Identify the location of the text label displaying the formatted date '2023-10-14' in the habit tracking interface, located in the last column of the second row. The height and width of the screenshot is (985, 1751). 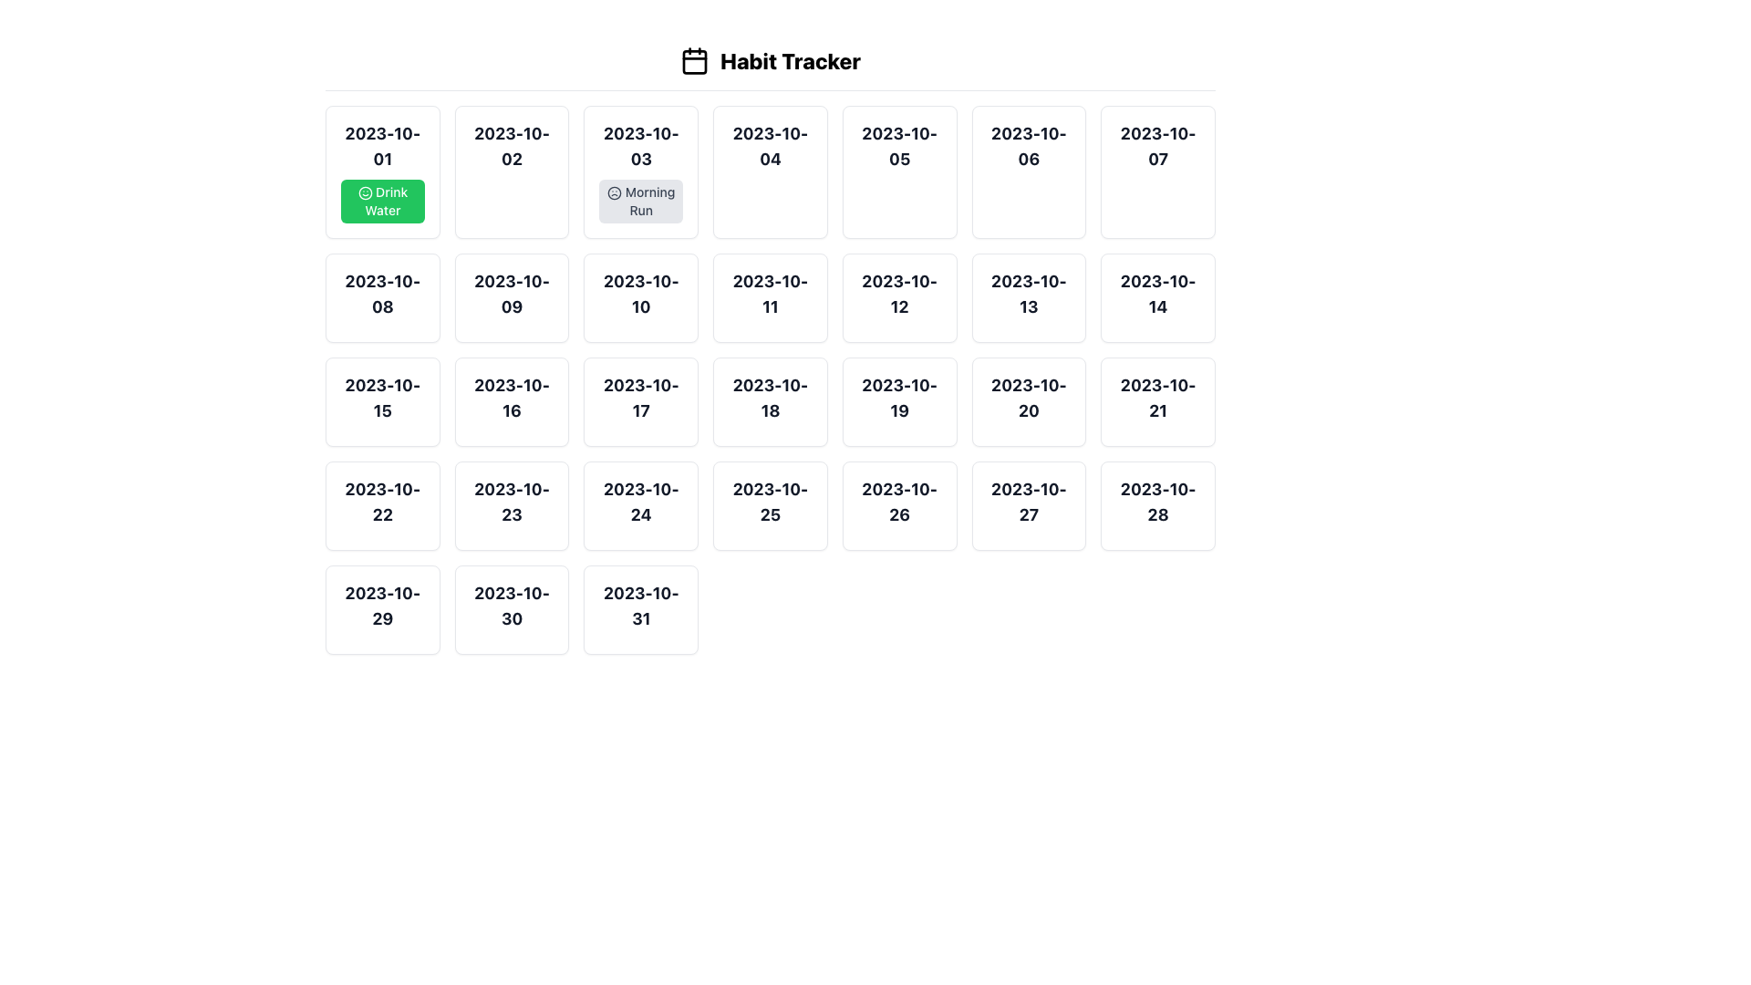
(1157, 294).